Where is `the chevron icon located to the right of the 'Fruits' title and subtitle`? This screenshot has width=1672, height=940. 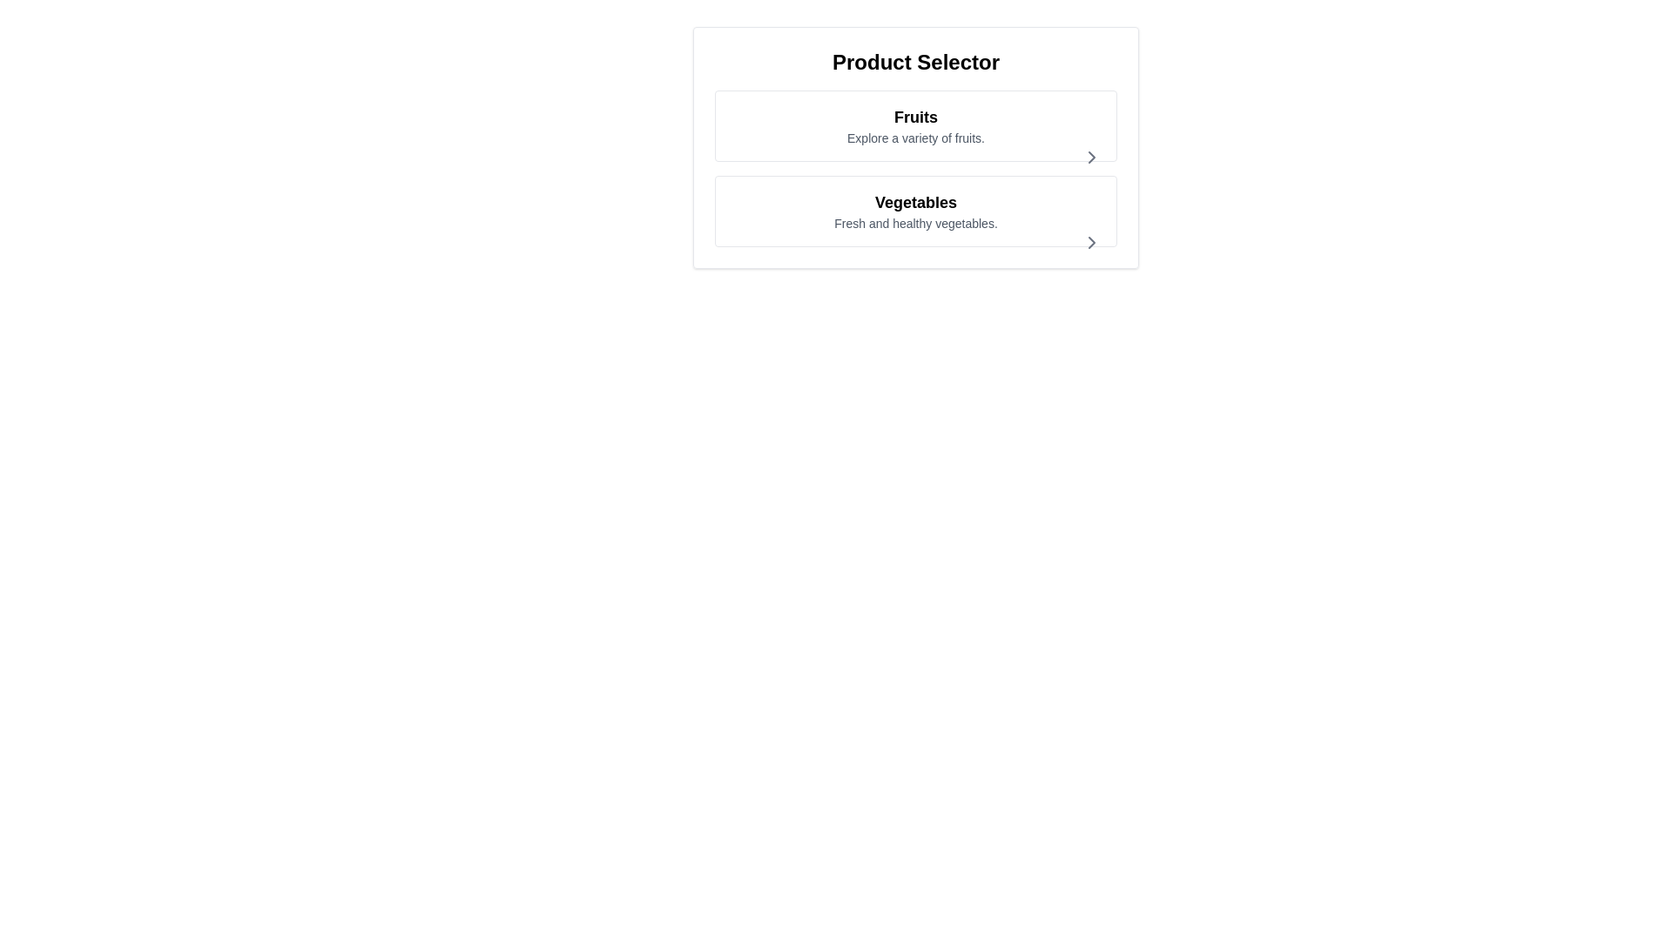 the chevron icon located to the right of the 'Fruits' title and subtitle is located at coordinates (1090, 158).